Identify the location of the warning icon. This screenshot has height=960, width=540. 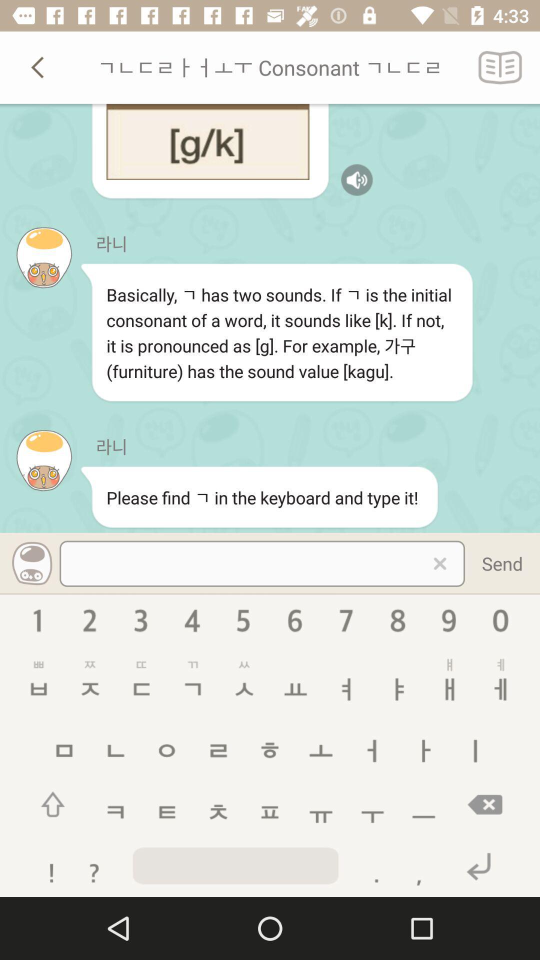
(52, 865).